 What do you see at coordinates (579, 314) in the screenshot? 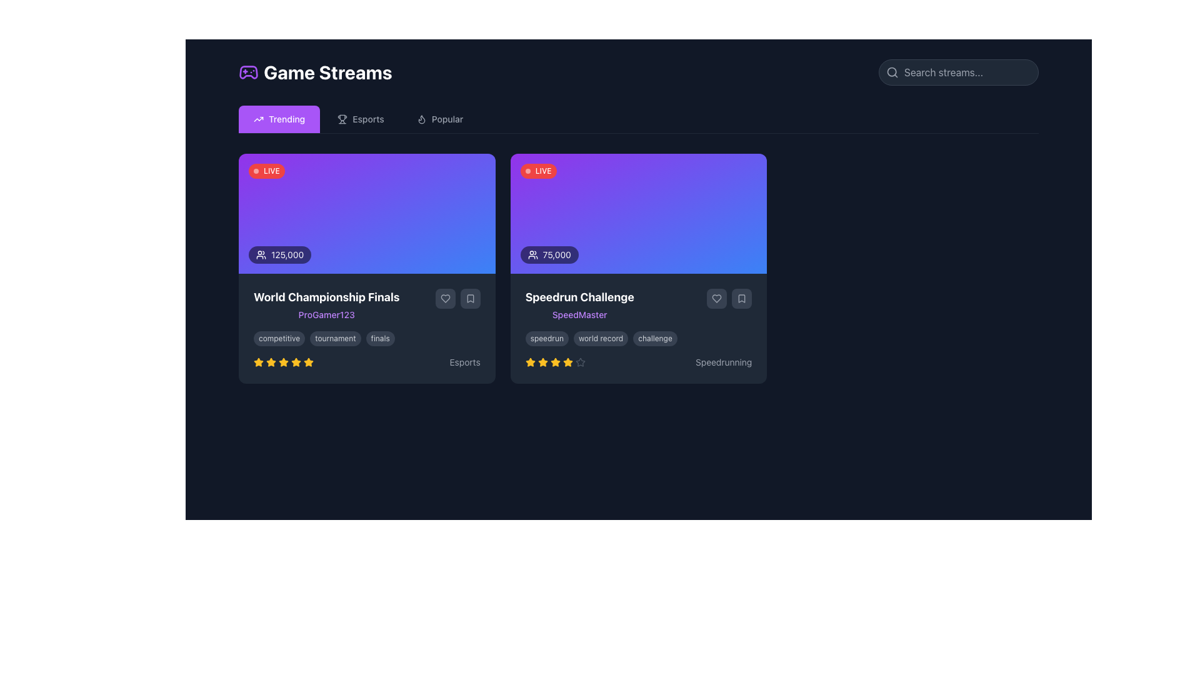
I see `the text label displaying 'SpeedMaster' in a small, bold, purple font located beneath the 'Speedrun Challenge' header on the second card from the left` at bounding box center [579, 314].